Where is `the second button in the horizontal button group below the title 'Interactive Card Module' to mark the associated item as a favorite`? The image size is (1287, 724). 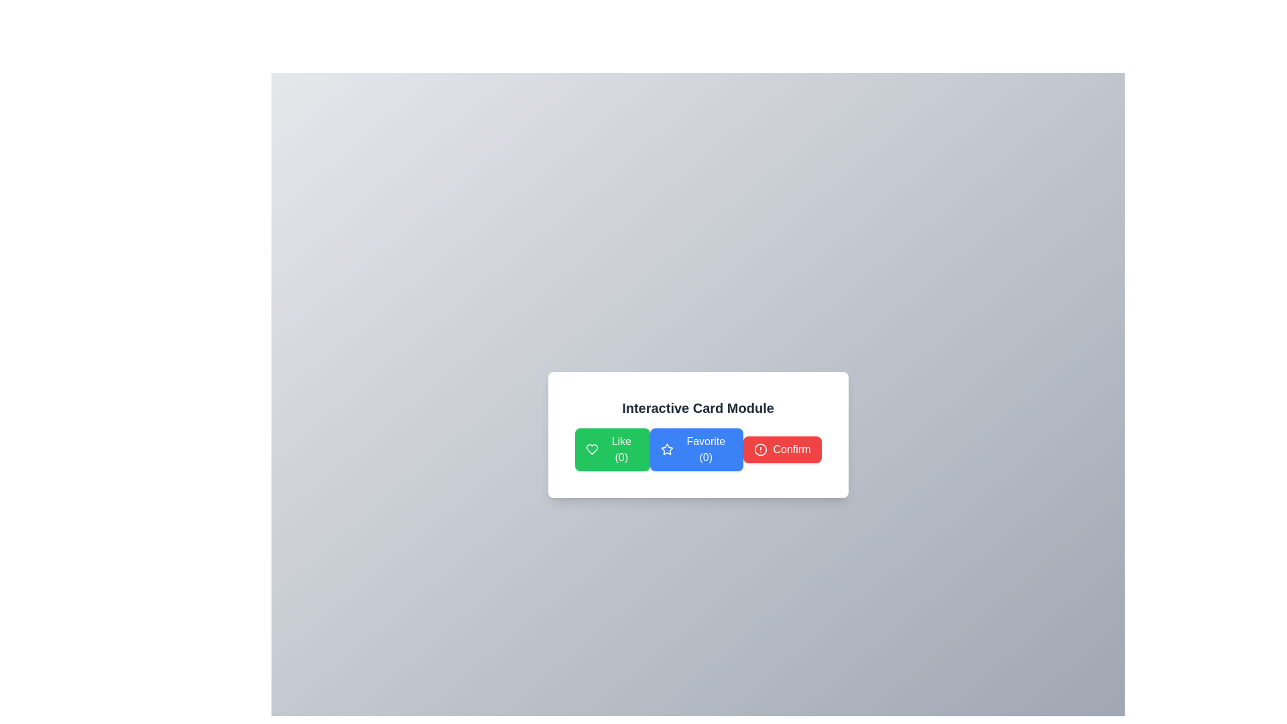 the second button in the horizontal button group below the title 'Interactive Card Module' to mark the associated item as a favorite is located at coordinates (697, 434).